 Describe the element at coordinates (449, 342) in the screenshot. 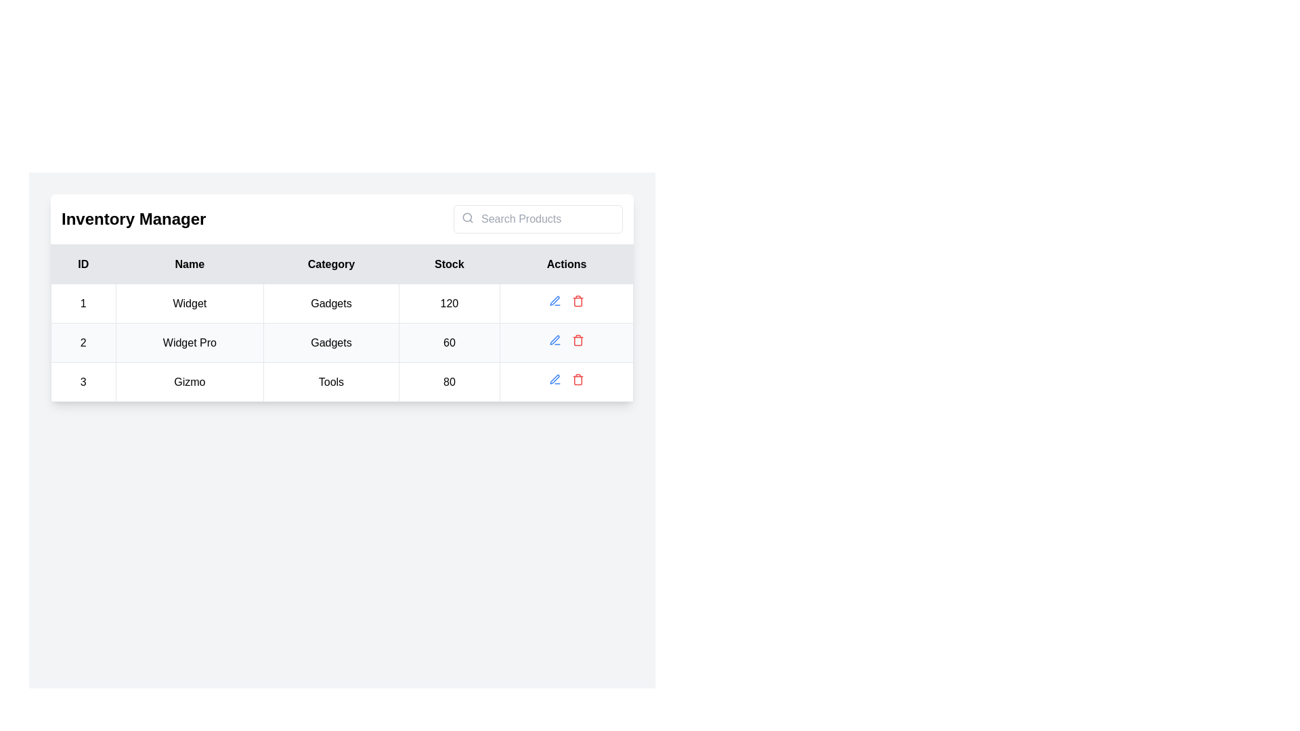

I see `the Text display field containing the text '60' in bold black font, located in the 'Stock' column of the 'Widget Pro' row in the table` at that location.